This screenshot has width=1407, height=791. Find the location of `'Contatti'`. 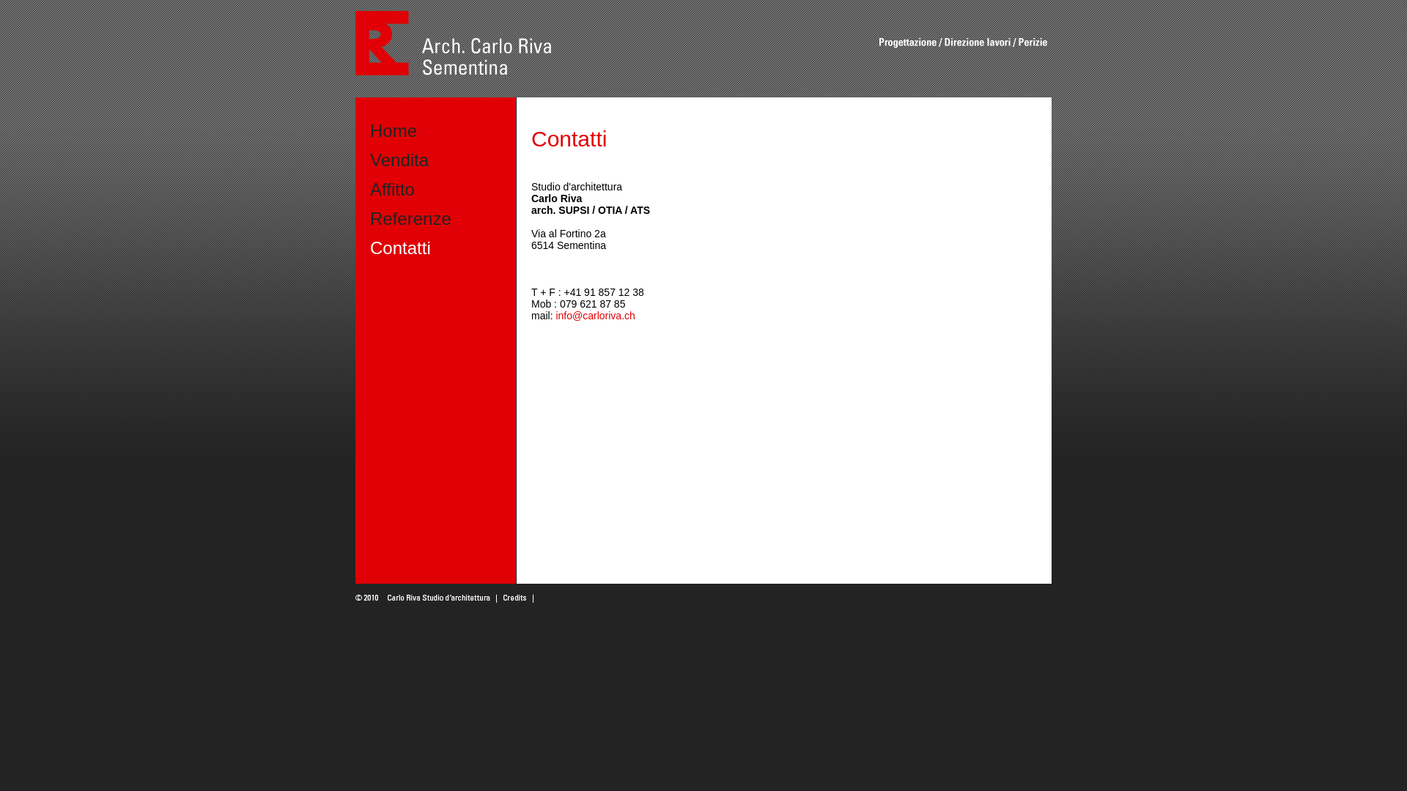

'Contatti' is located at coordinates (400, 247).